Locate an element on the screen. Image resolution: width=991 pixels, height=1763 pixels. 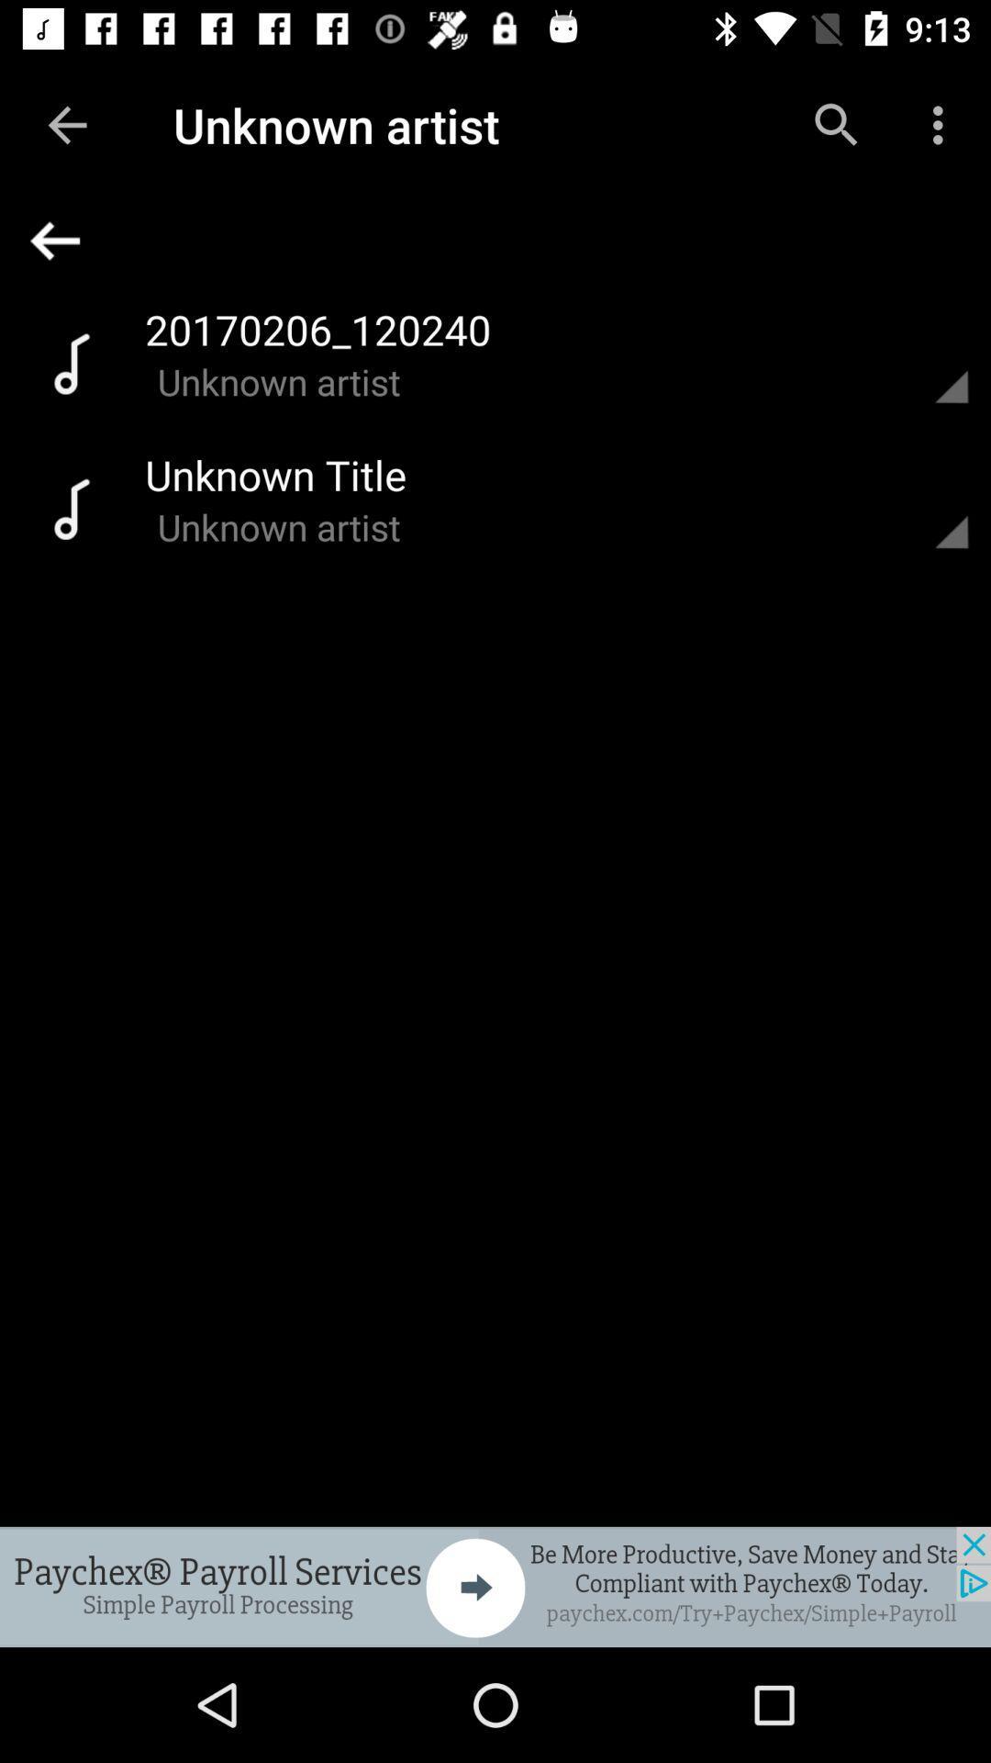
undo button is located at coordinates (504, 240).